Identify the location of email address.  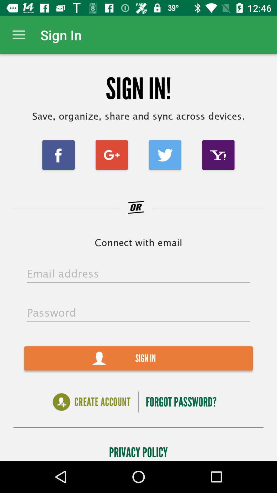
(138, 274).